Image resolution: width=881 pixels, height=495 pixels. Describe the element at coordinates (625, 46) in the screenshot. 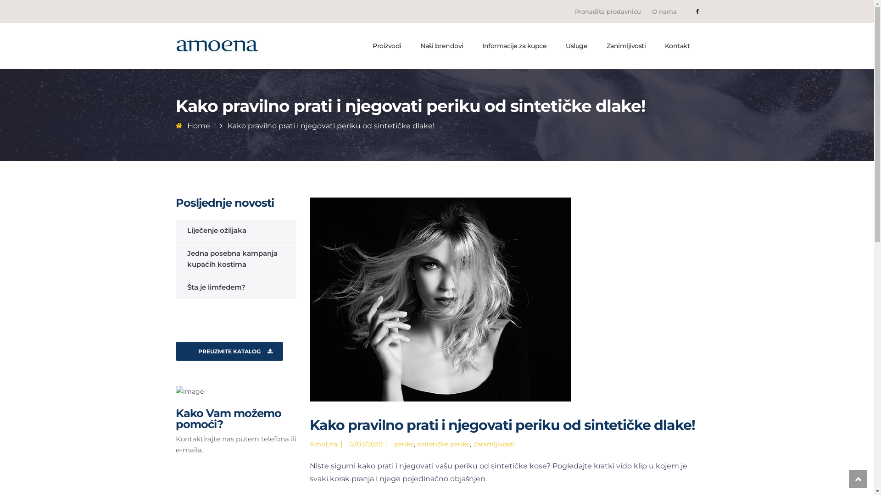

I see `'Zanimljivosti'` at that location.